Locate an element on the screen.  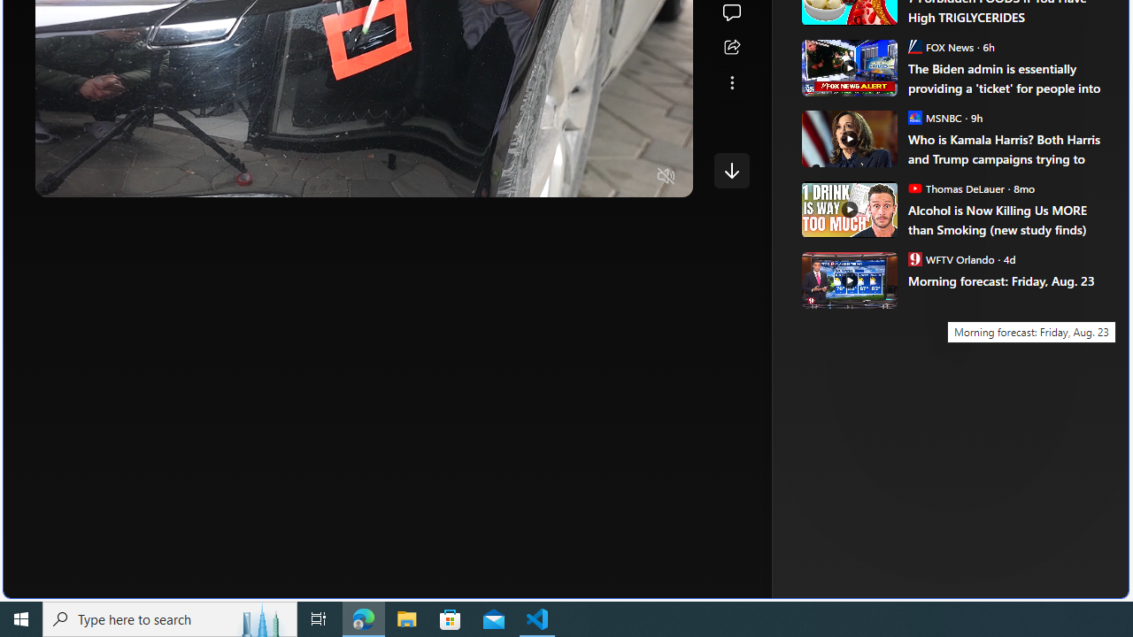
'FOX News' is located at coordinates (914, 45).